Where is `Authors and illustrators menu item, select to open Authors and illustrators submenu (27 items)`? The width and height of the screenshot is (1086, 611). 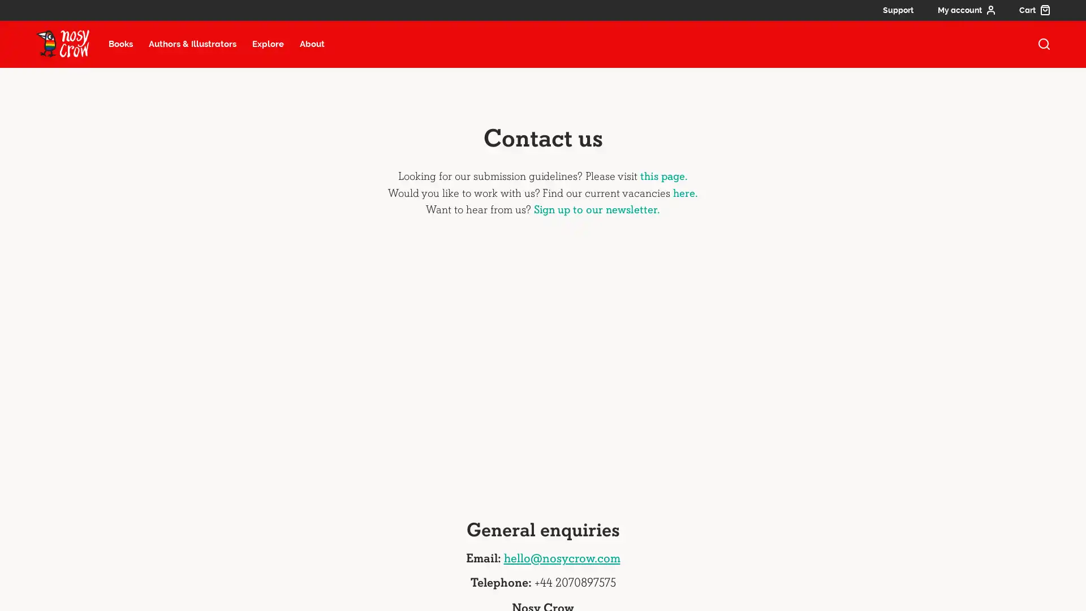
Authors and illustrators menu item, select to open Authors and illustrators submenu (27 items) is located at coordinates (192, 43).